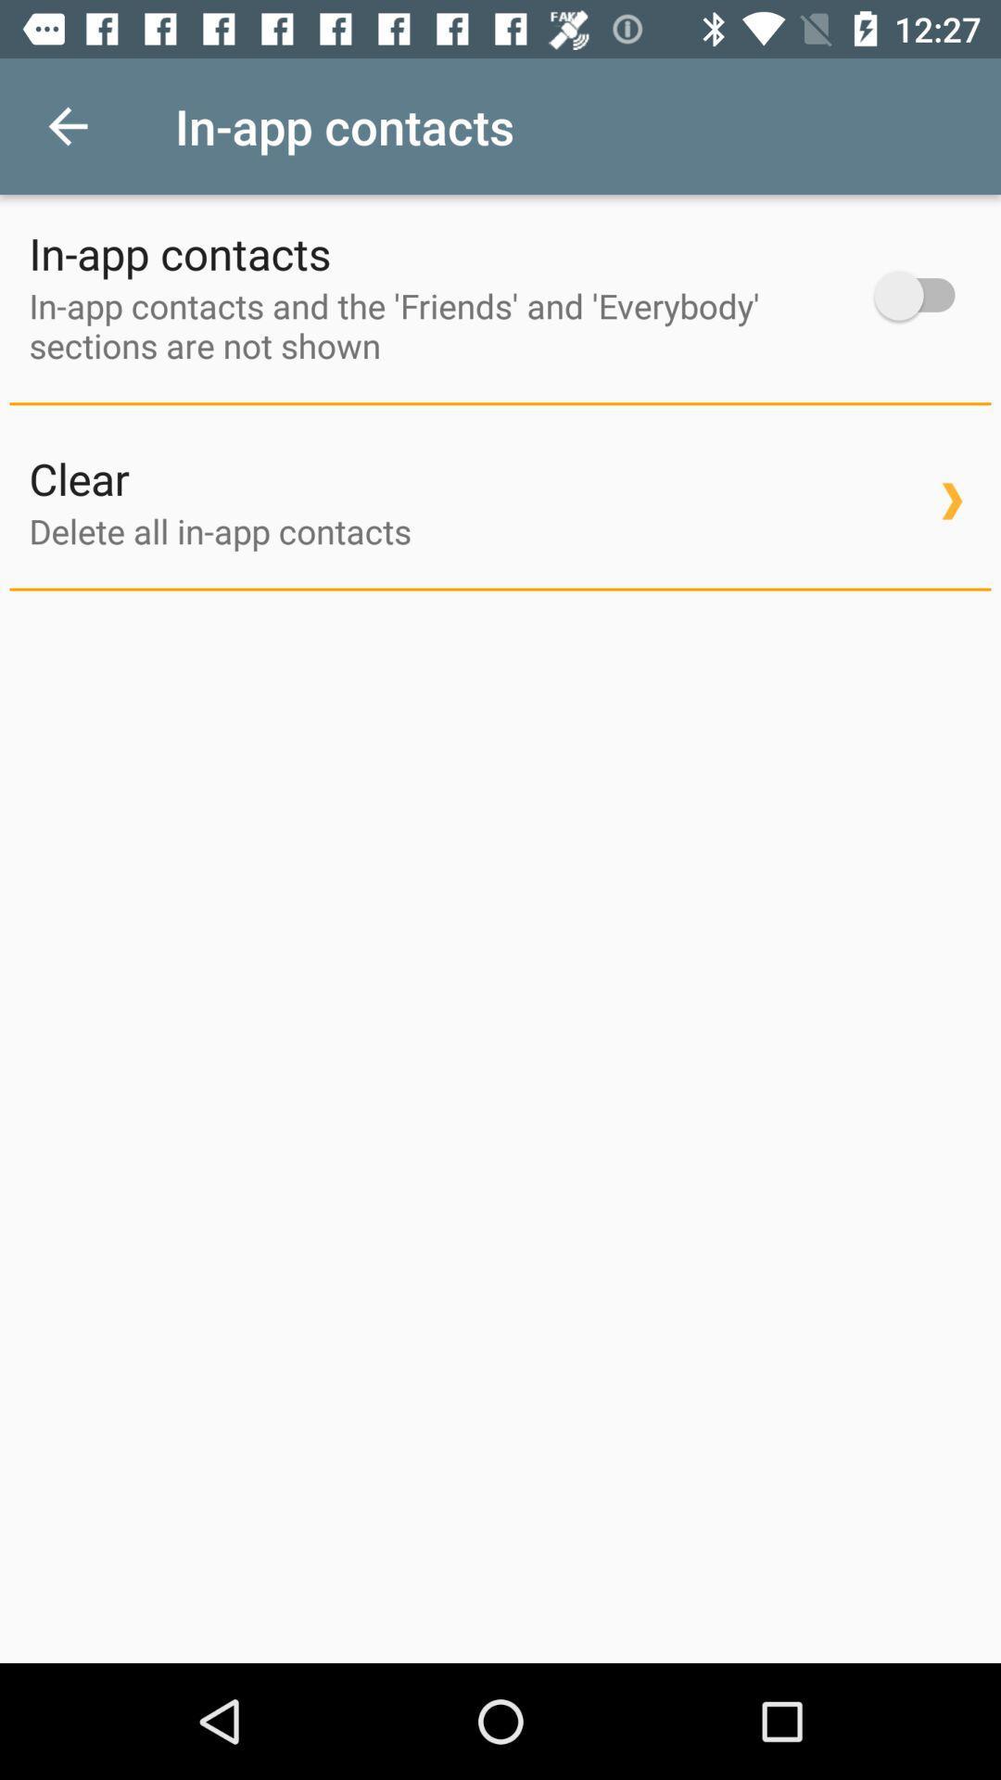  I want to click on the icon at the top left corner, so click(67, 125).